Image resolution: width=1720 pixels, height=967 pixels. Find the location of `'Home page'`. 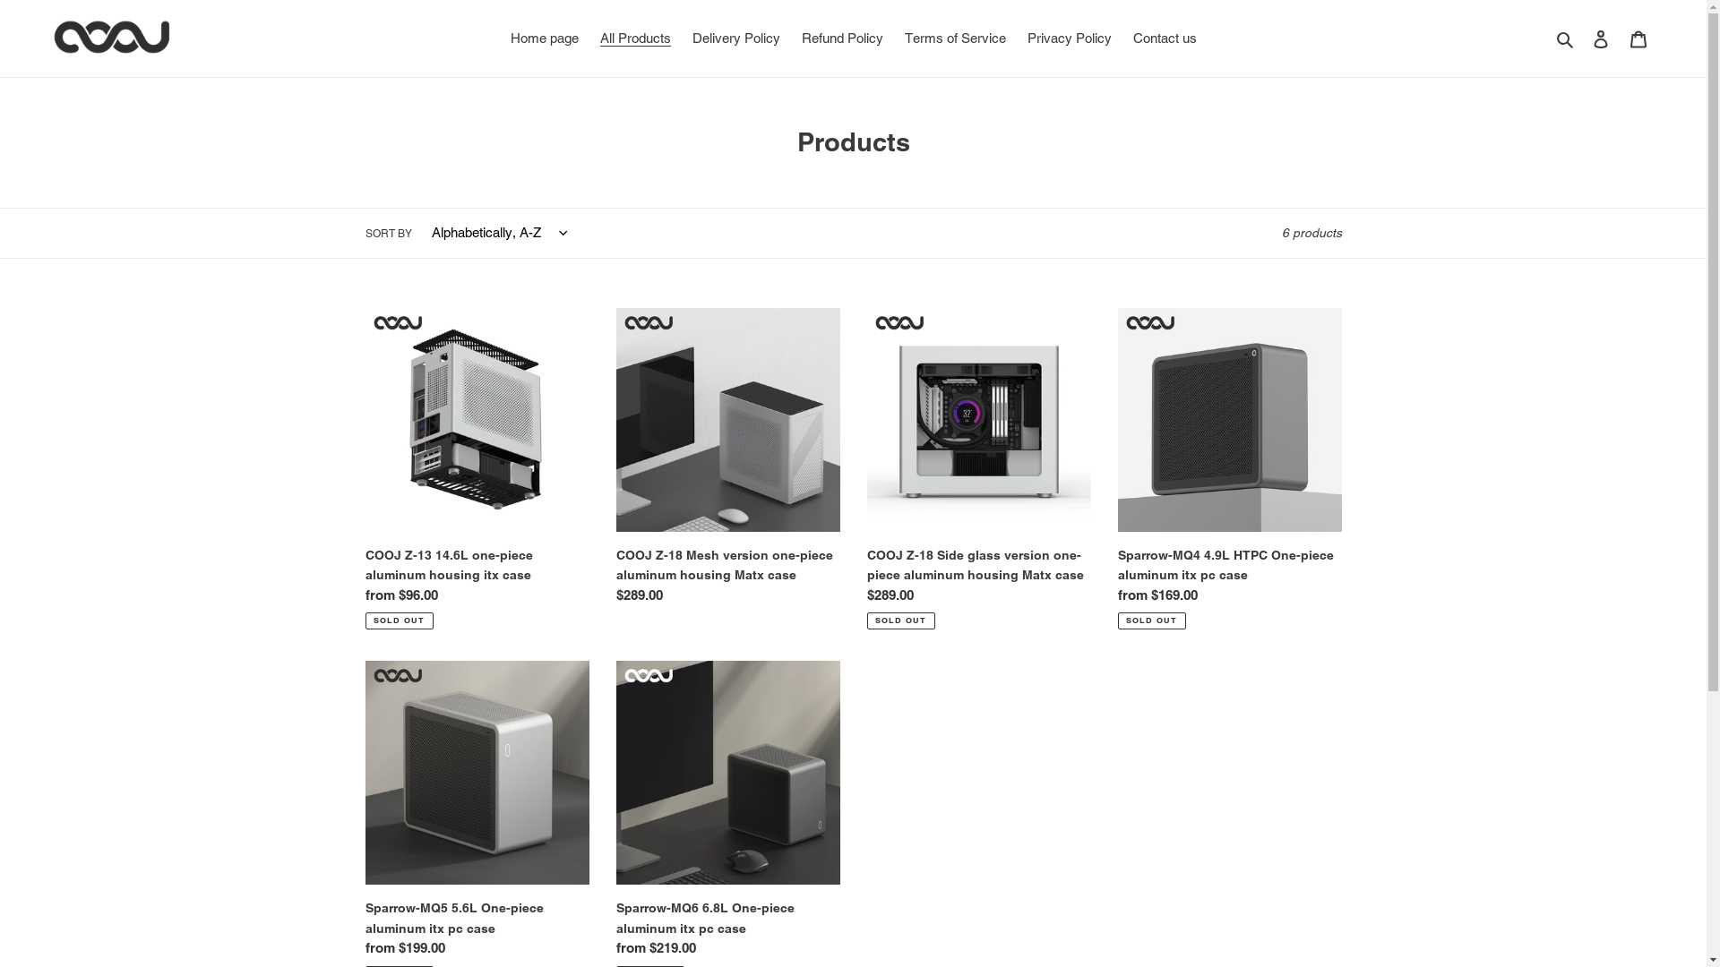

'Home page' is located at coordinates (502, 39).